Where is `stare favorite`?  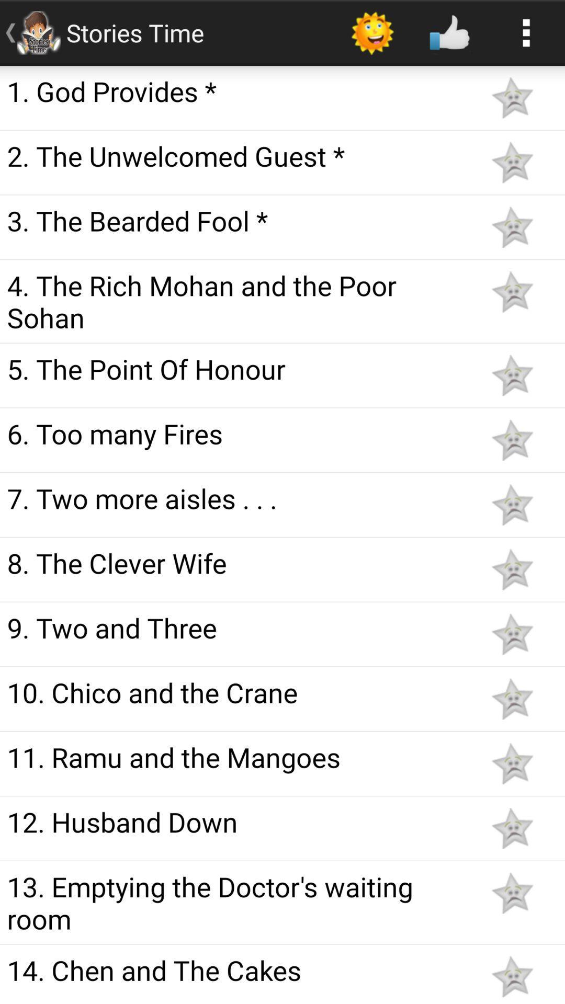 stare favorite is located at coordinates (512, 162).